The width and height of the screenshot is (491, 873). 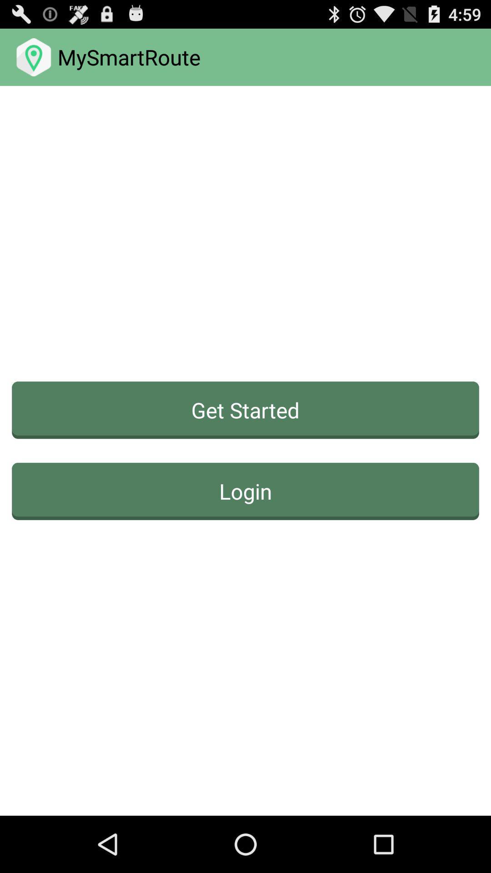 I want to click on login button, so click(x=245, y=491).